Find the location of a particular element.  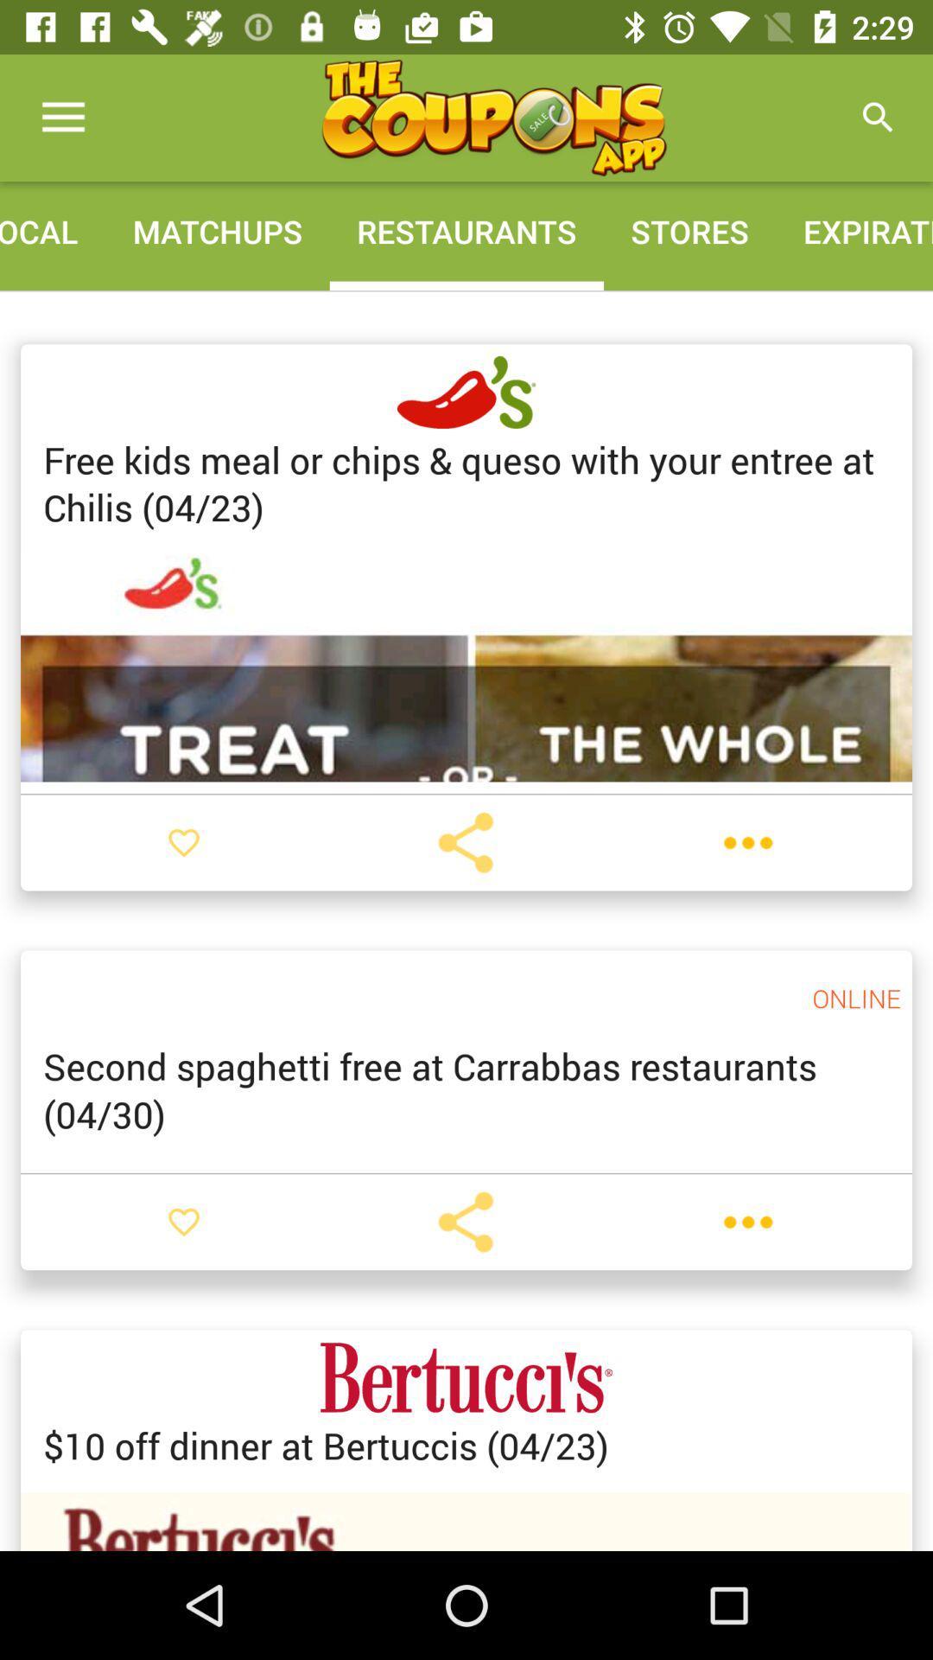

location service is located at coordinates (465, 1221).